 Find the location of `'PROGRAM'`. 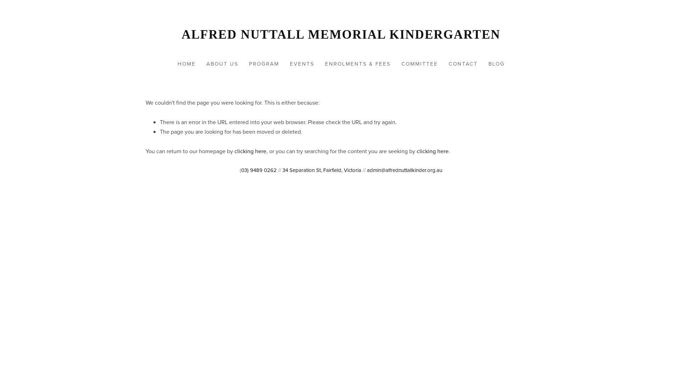

'PROGRAM' is located at coordinates (244, 64).